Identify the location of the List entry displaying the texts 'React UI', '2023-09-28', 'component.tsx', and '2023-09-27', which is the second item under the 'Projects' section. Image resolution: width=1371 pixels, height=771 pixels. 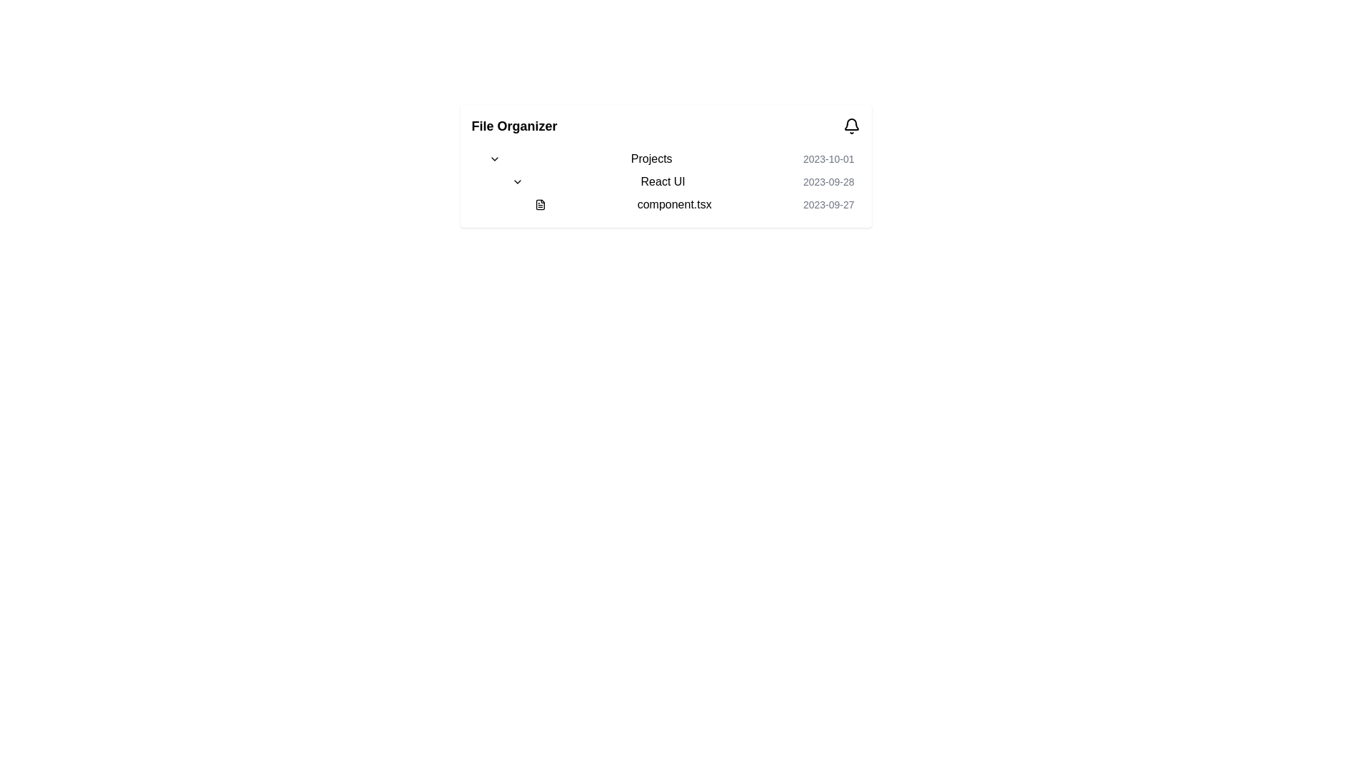
(676, 193).